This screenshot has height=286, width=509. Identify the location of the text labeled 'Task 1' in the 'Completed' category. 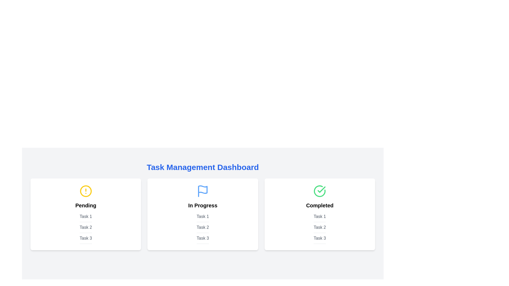
(319, 218).